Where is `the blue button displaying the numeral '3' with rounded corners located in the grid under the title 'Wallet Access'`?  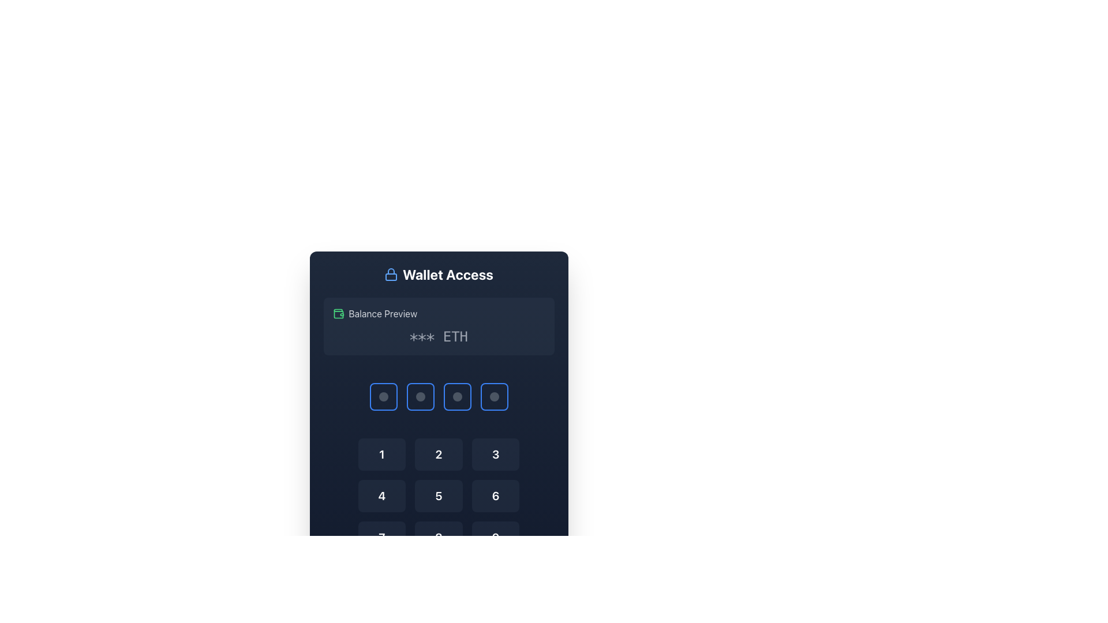 the blue button displaying the numeral '3' with rounded corners located in the grid under the title 'Wallet Access' is located at coordinates (496, 453).